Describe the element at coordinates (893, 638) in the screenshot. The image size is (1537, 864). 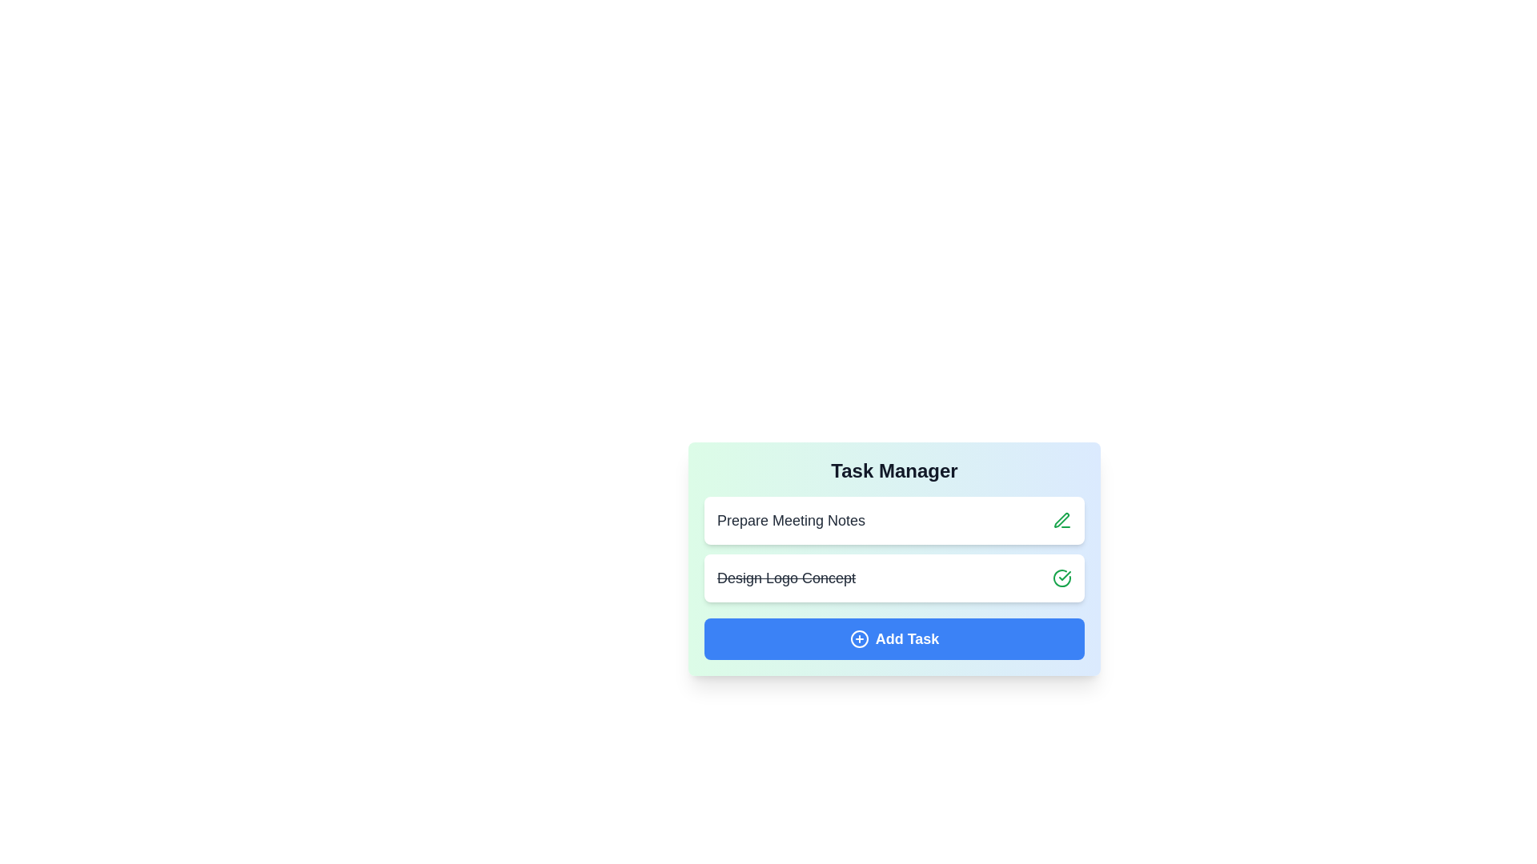
I see `the 'Add Task' button to add a new task to the list` at that location.